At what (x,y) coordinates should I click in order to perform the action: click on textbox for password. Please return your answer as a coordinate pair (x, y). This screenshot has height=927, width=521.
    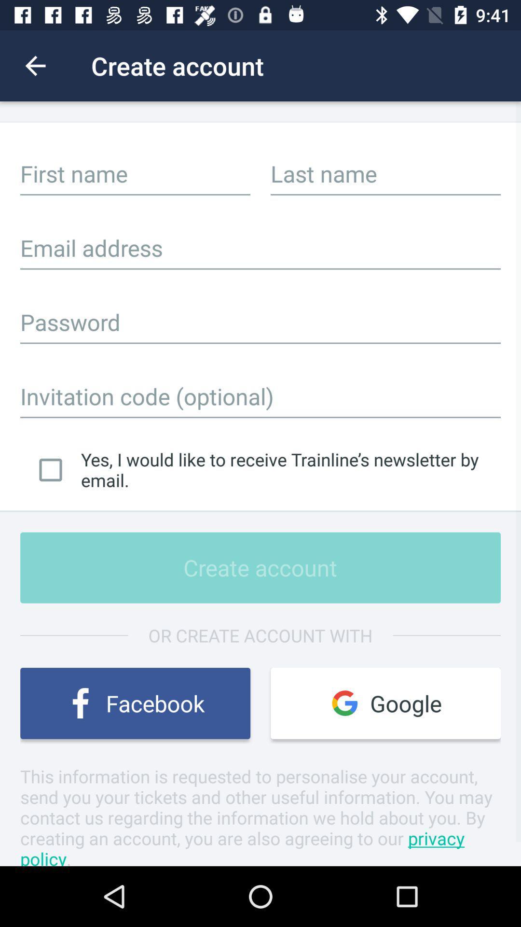
    Looking at the image, I should click on (260, 322).